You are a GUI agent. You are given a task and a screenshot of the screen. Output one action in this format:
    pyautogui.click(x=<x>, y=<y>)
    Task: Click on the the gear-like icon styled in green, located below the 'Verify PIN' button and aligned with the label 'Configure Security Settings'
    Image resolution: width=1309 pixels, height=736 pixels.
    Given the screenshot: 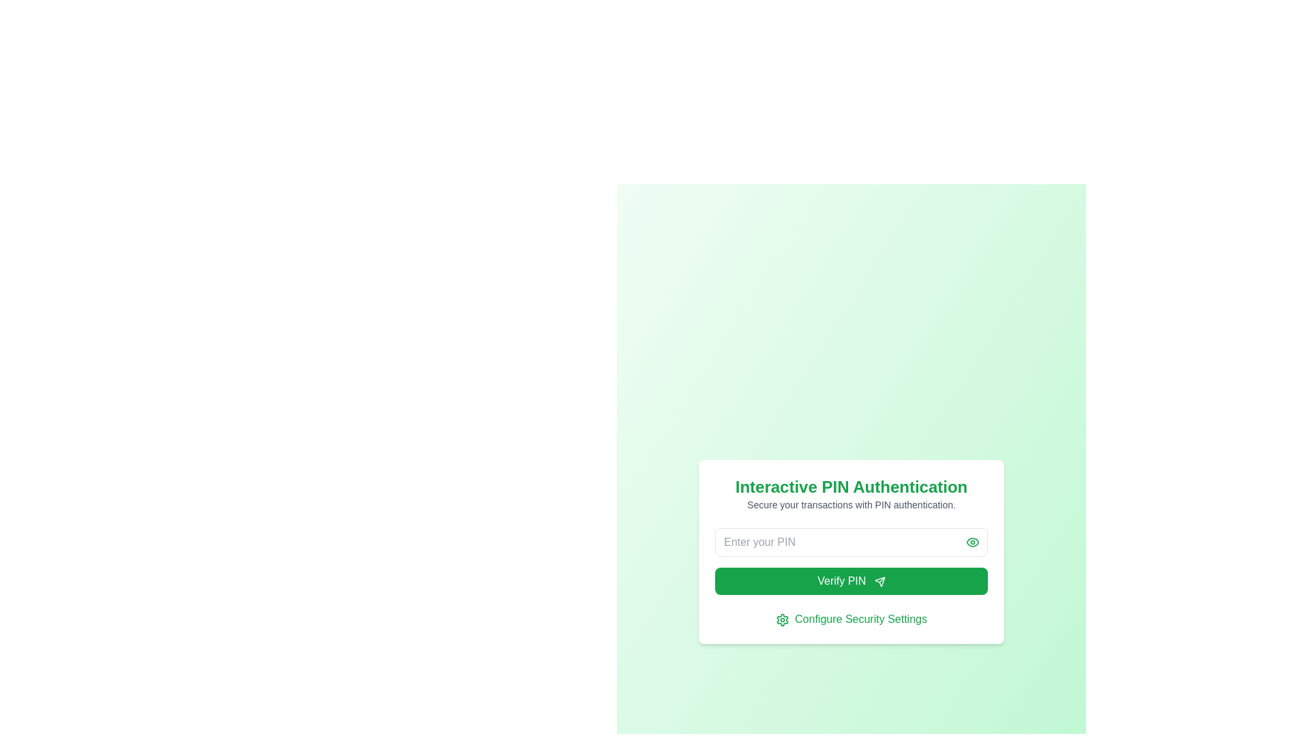 What is the action you would take?
    pyautogui.click(x=782, y=619)
    